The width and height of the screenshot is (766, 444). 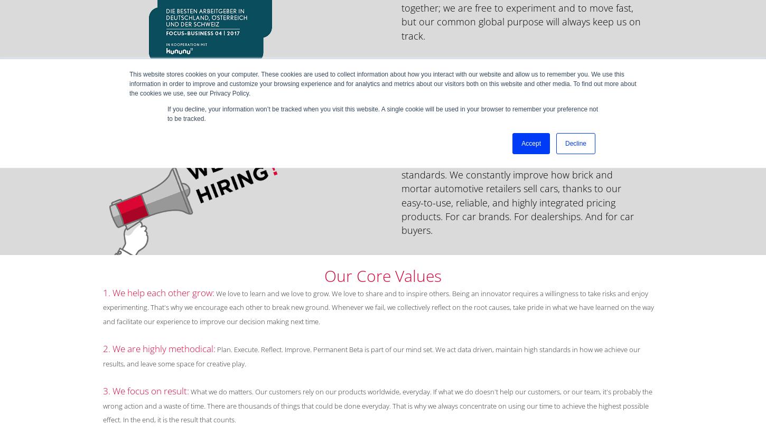 I want to click on 'The Impact:', so click(x=425, y=62).